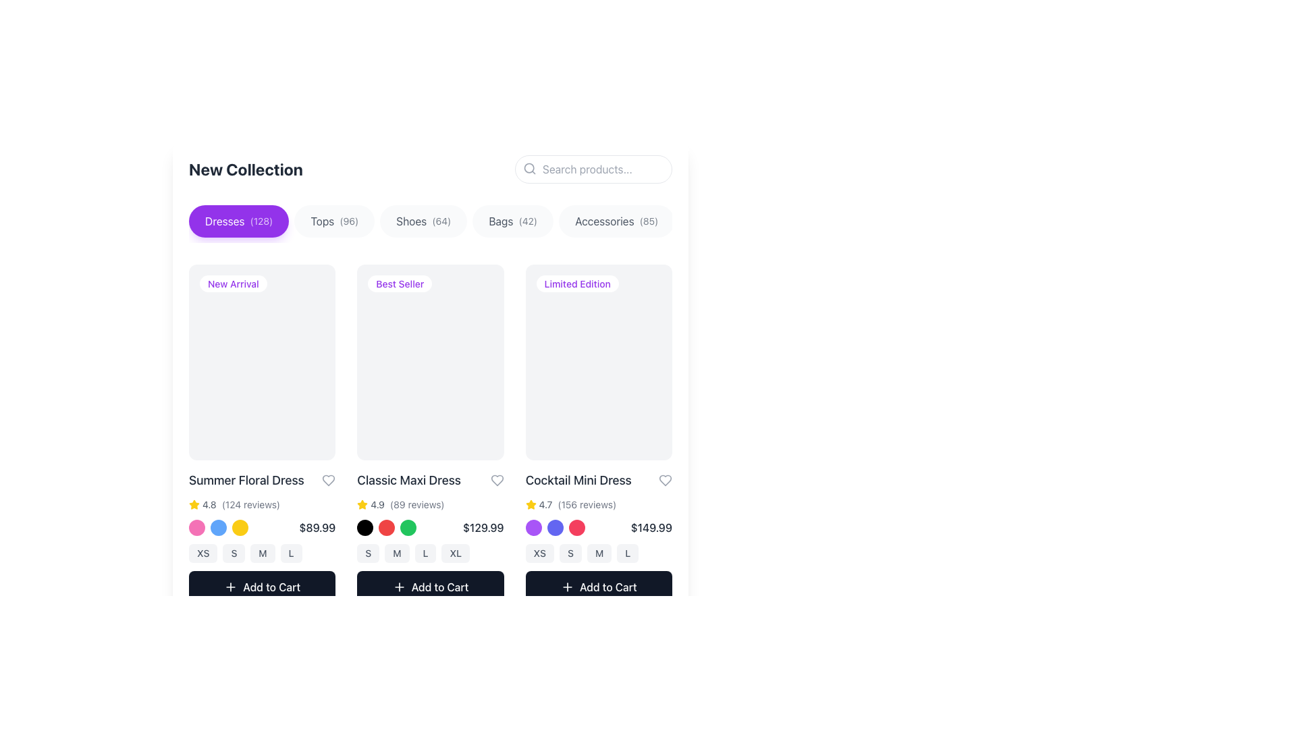 The height and width of the screenshot is (729, 1296). Describe the element at coordinates (202, 553) in the screenshot. I see `the button labeled 'XS', which is the first button in a series of size options located below the product information for the 'Summer Floral Dress'` at that location.